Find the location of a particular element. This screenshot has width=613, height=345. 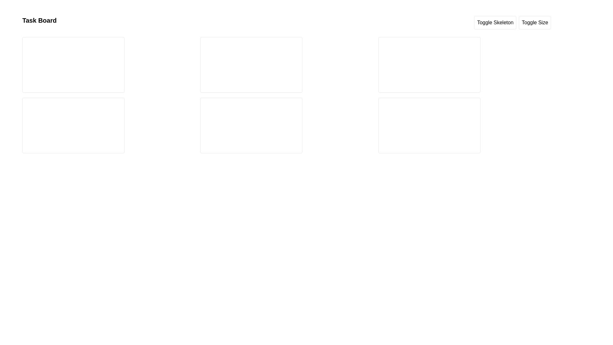

the 'Size' toggle button located in the top-right section of the interface to modify the size setting is located at coordinates (535, 22).